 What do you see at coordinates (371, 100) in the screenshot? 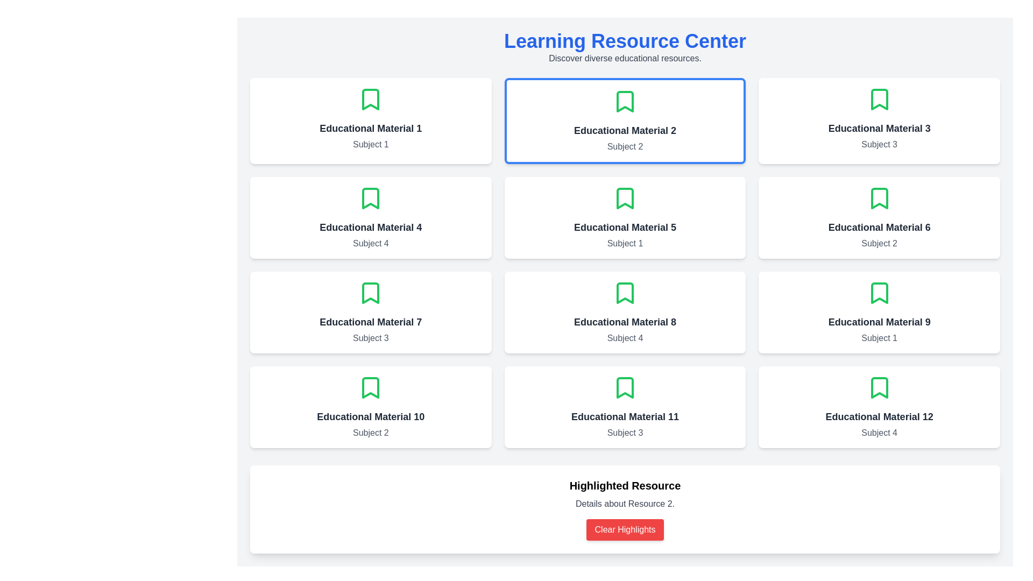
I see `the bookmark icon located at the top-middle of the card labeled 'Educational Material 1' with the subtitle 'Subject 1', indicating that the material can be bookmarked` at bounding box center [371, 100].